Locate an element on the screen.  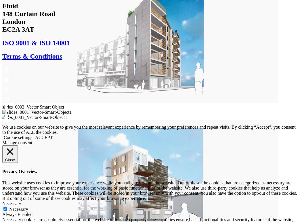
'Always Enabled' is located at coordinates (17, 214).